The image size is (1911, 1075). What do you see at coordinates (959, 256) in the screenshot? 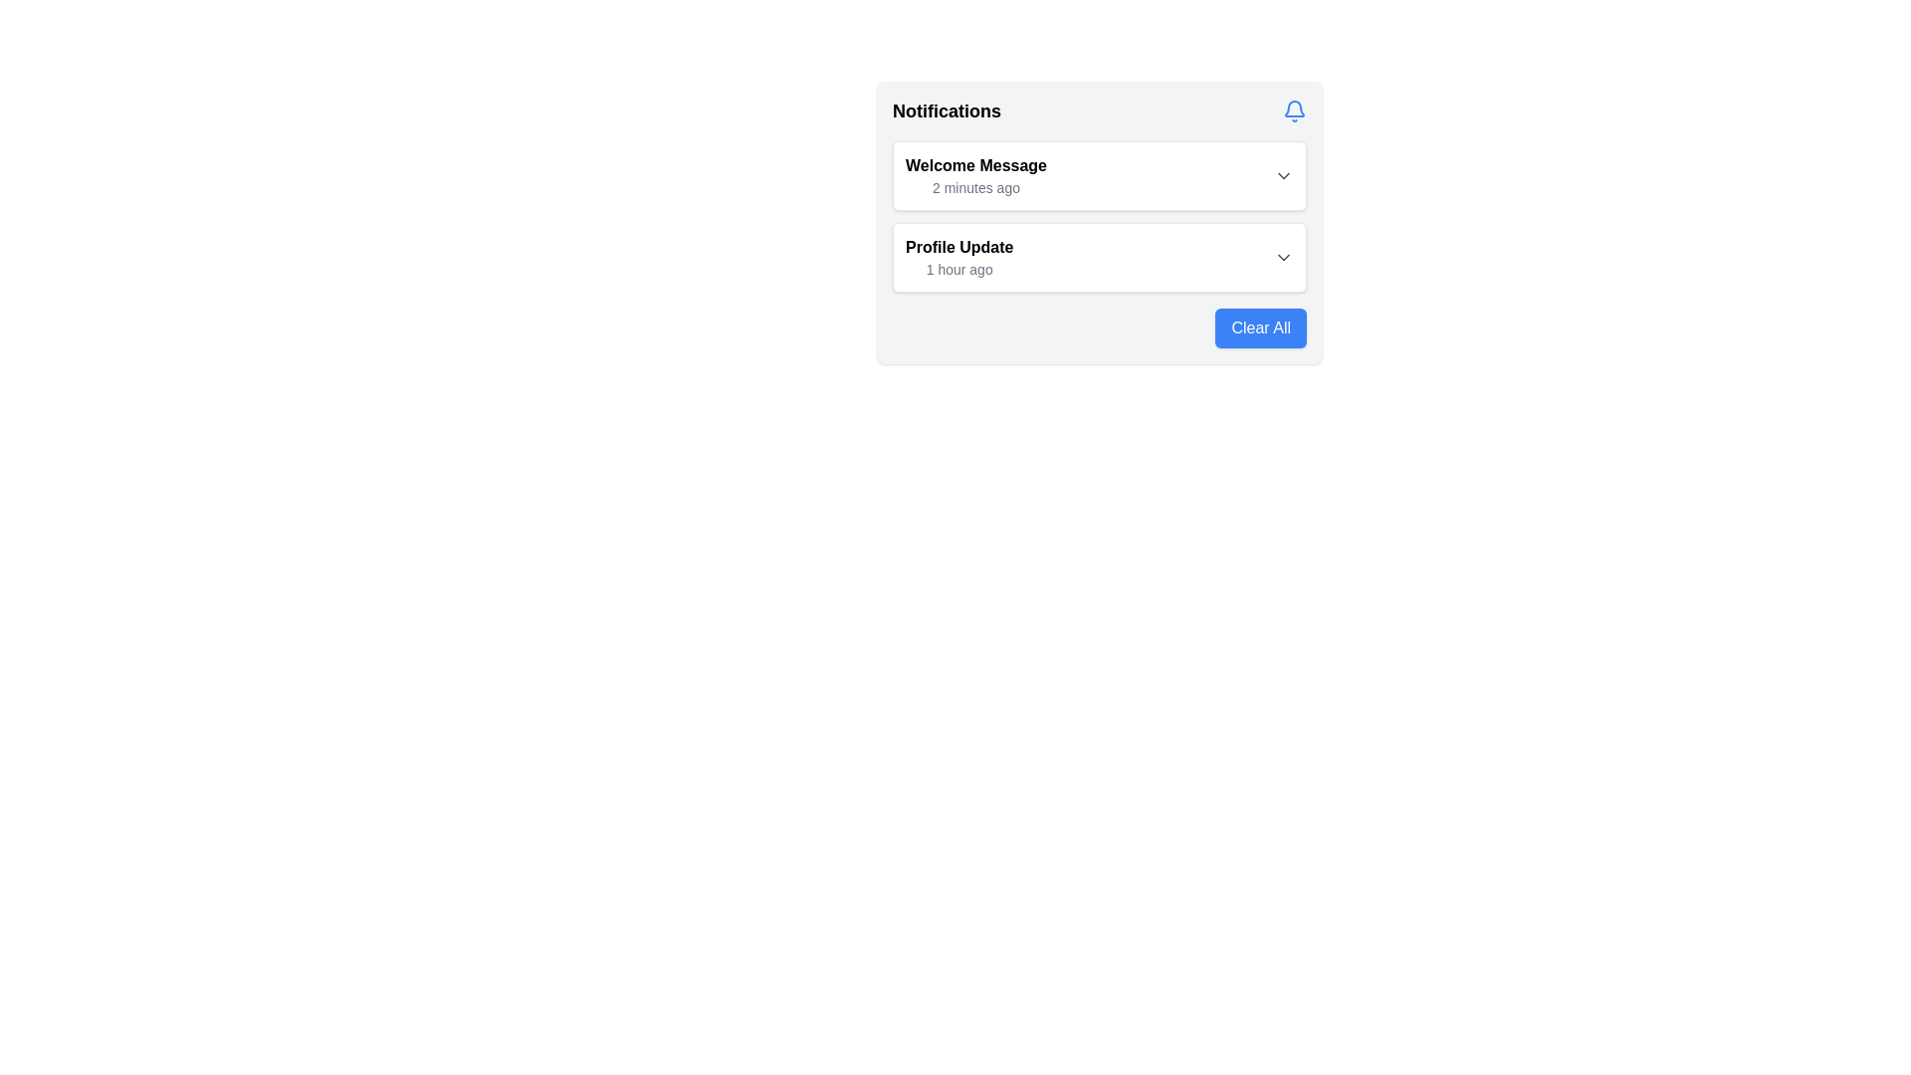
I see `text of the dual-line text label displaying 'Profile Update' and '1 hour ago' located in the lower section of the notification list, which is the second item in the list` at bounding box center [959, 256].